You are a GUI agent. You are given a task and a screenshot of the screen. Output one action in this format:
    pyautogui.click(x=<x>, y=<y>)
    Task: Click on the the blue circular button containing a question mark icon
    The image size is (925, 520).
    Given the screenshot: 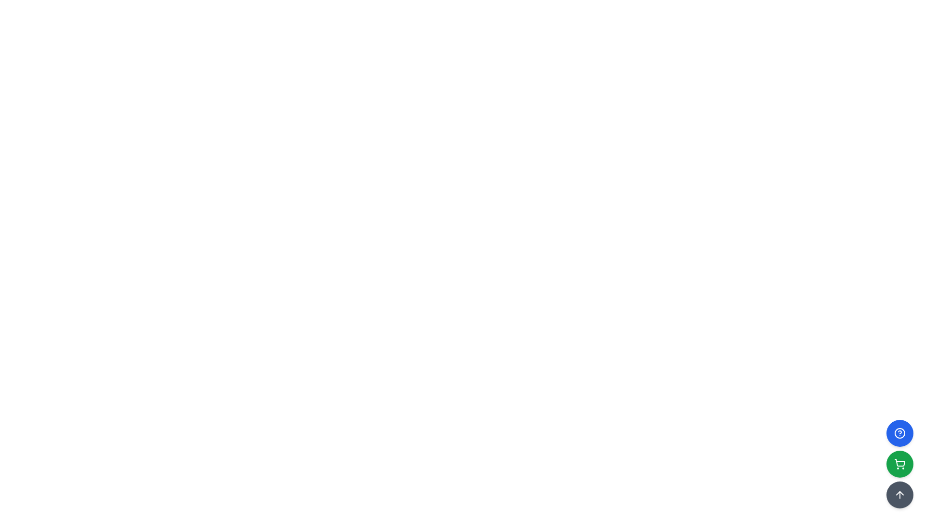 What is the action you would take?
    pyautogui.click(x=899, y=432)
    